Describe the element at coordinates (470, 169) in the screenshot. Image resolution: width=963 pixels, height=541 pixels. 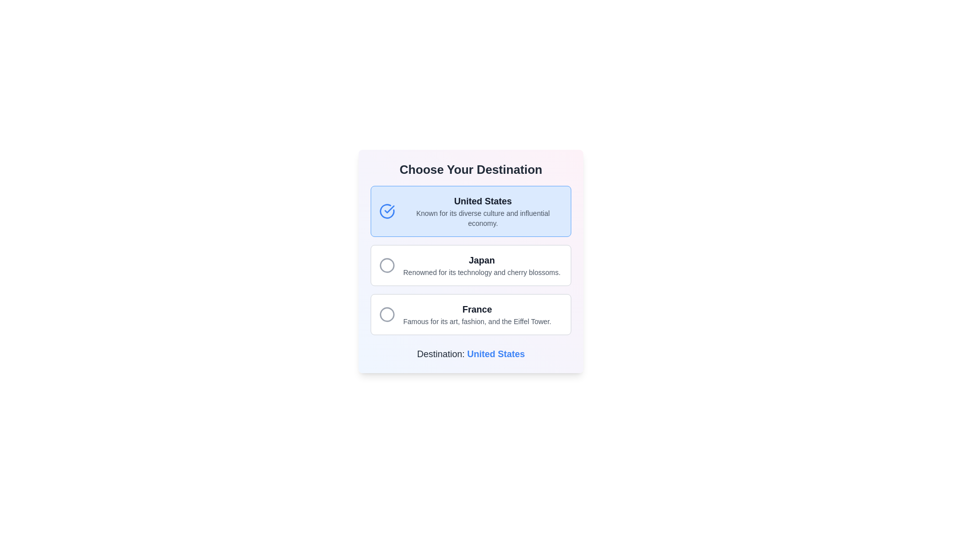
I see `the static header text label that introduces the section for choosing a destination` at that location.